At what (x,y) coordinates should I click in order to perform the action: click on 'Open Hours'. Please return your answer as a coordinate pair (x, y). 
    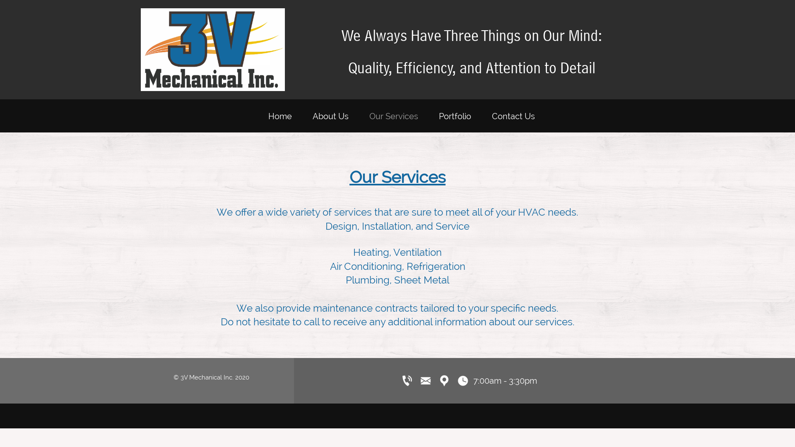
    Looking at the image, I should click on (463, 381).